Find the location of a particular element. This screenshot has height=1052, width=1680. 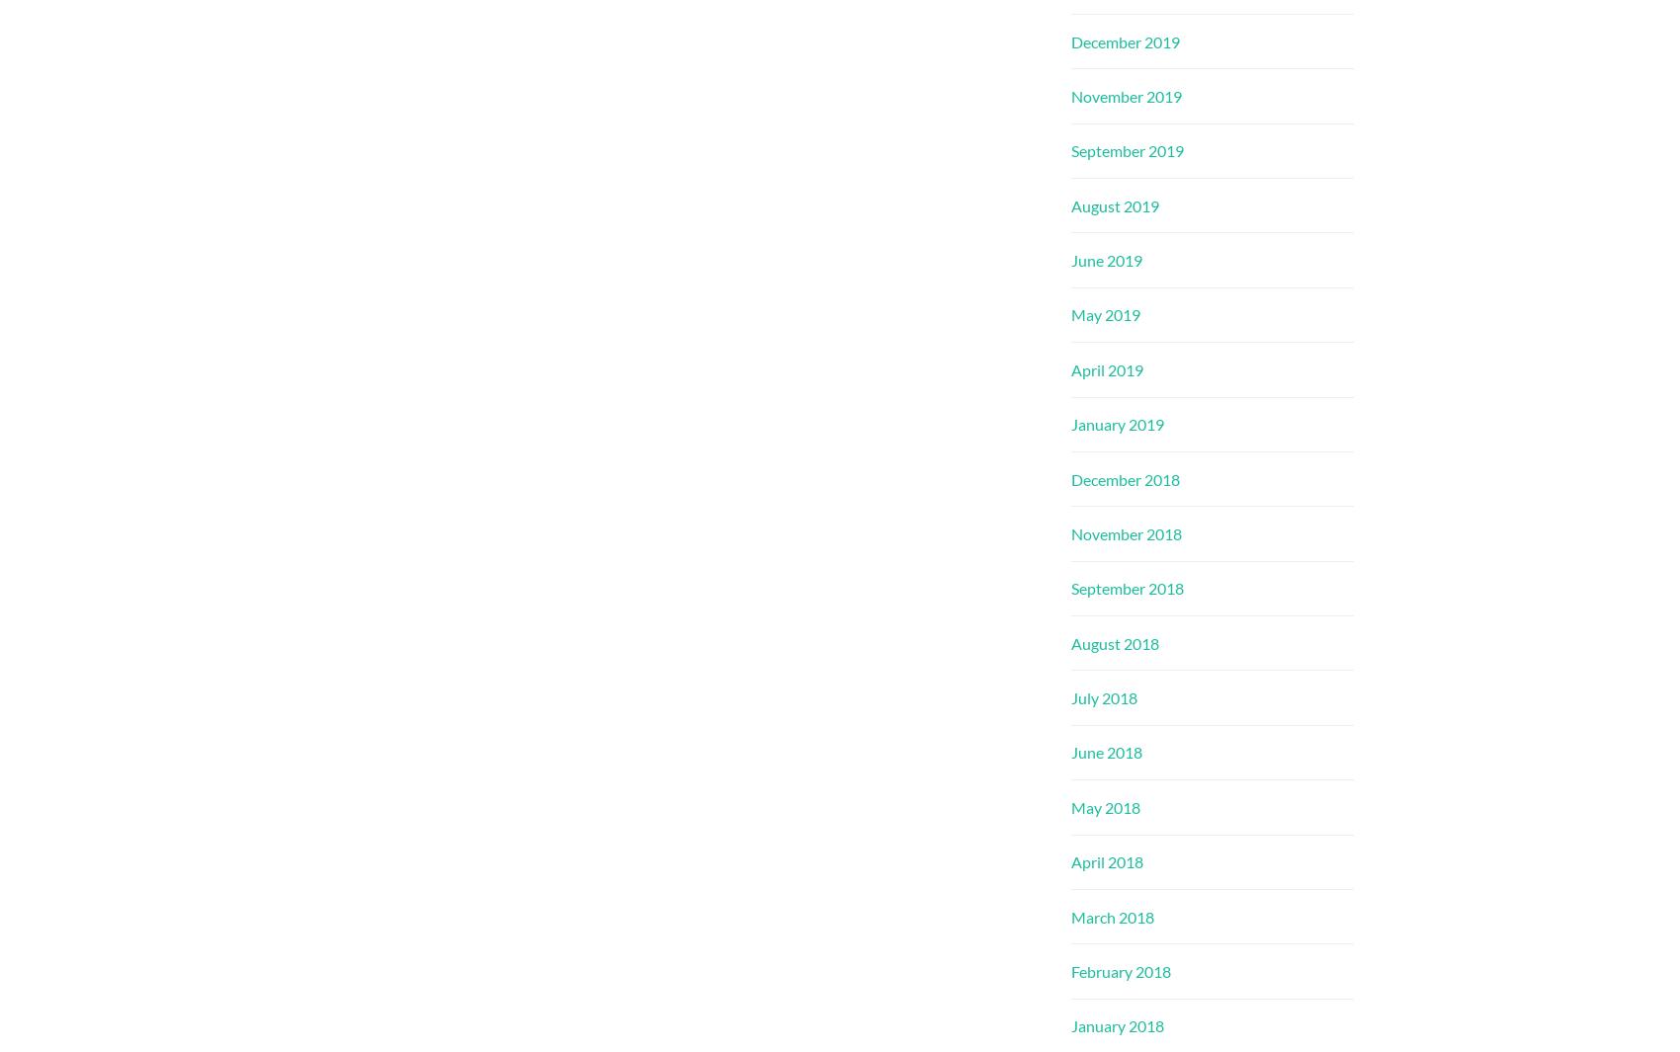

'November 2019' is located at coordinates (1127, 94).